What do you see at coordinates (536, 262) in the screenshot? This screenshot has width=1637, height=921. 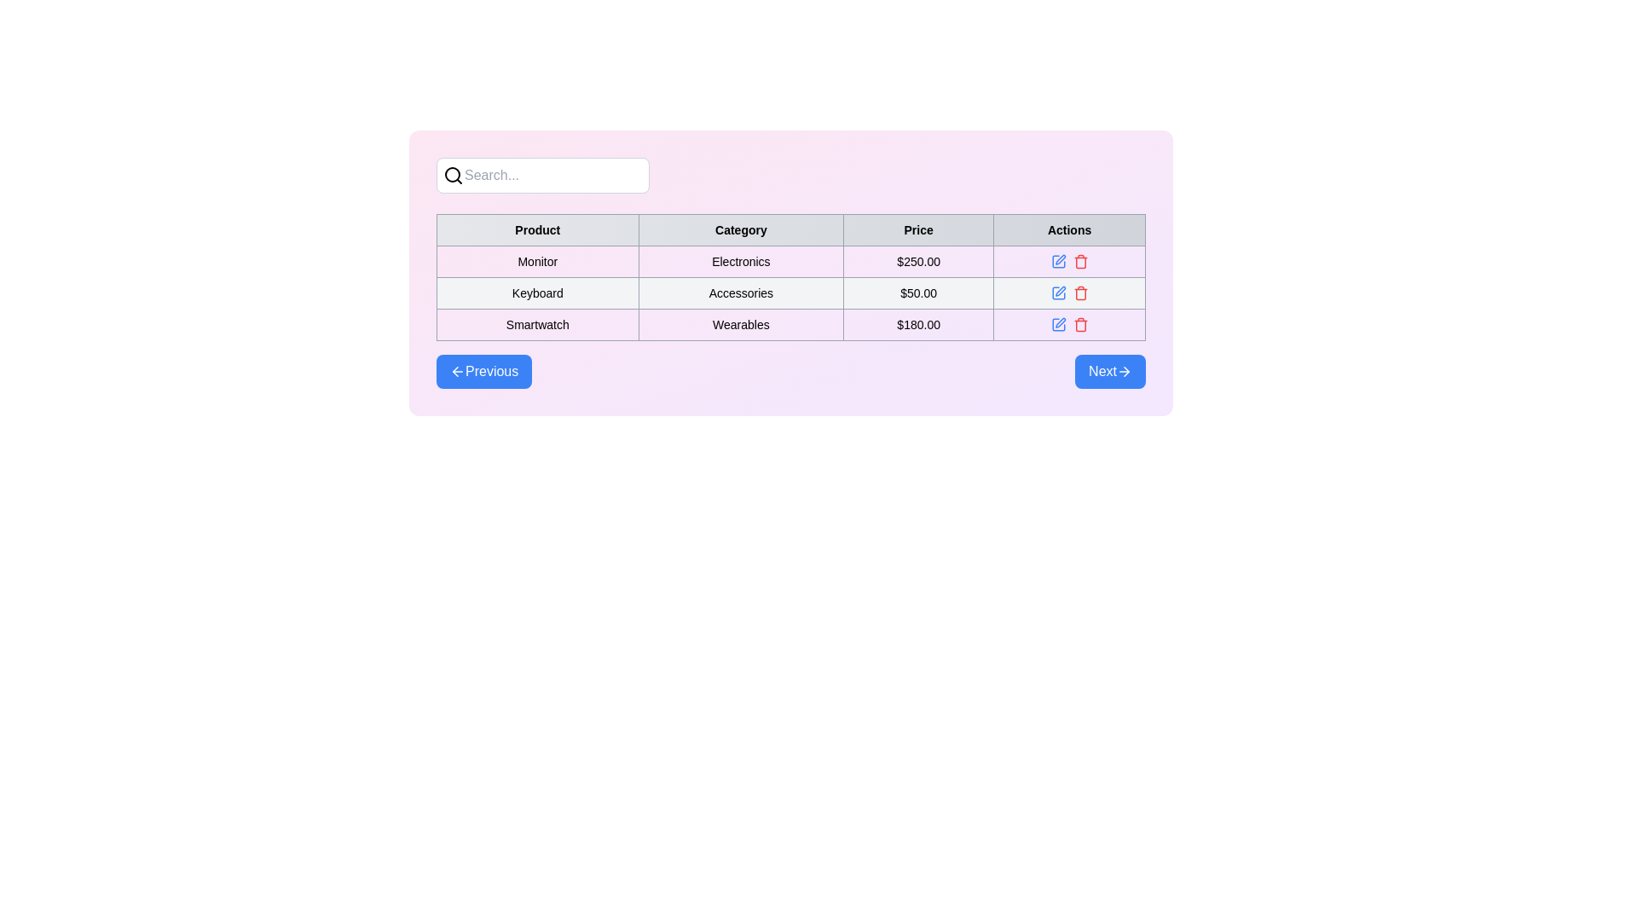 I see `the 'Monitor' label, which is the first column entry in a row of products, featuring a light gray background and black text` at bounding box center [536, 262].